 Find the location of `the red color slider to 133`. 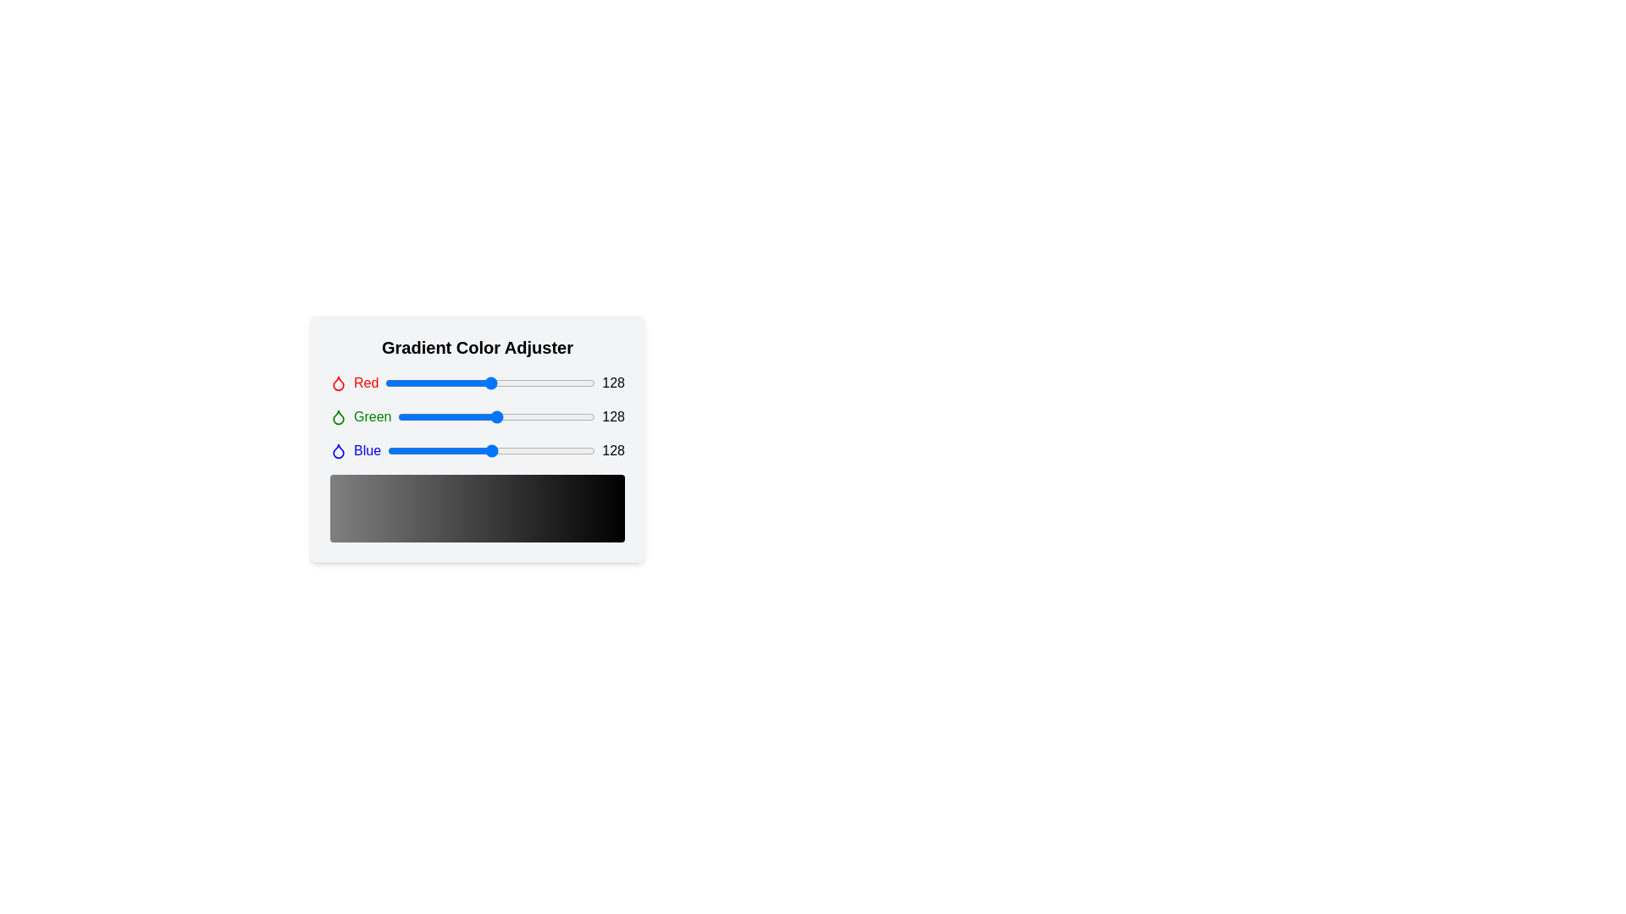

the red color slider to 133 is located at coordinates (494, 383).